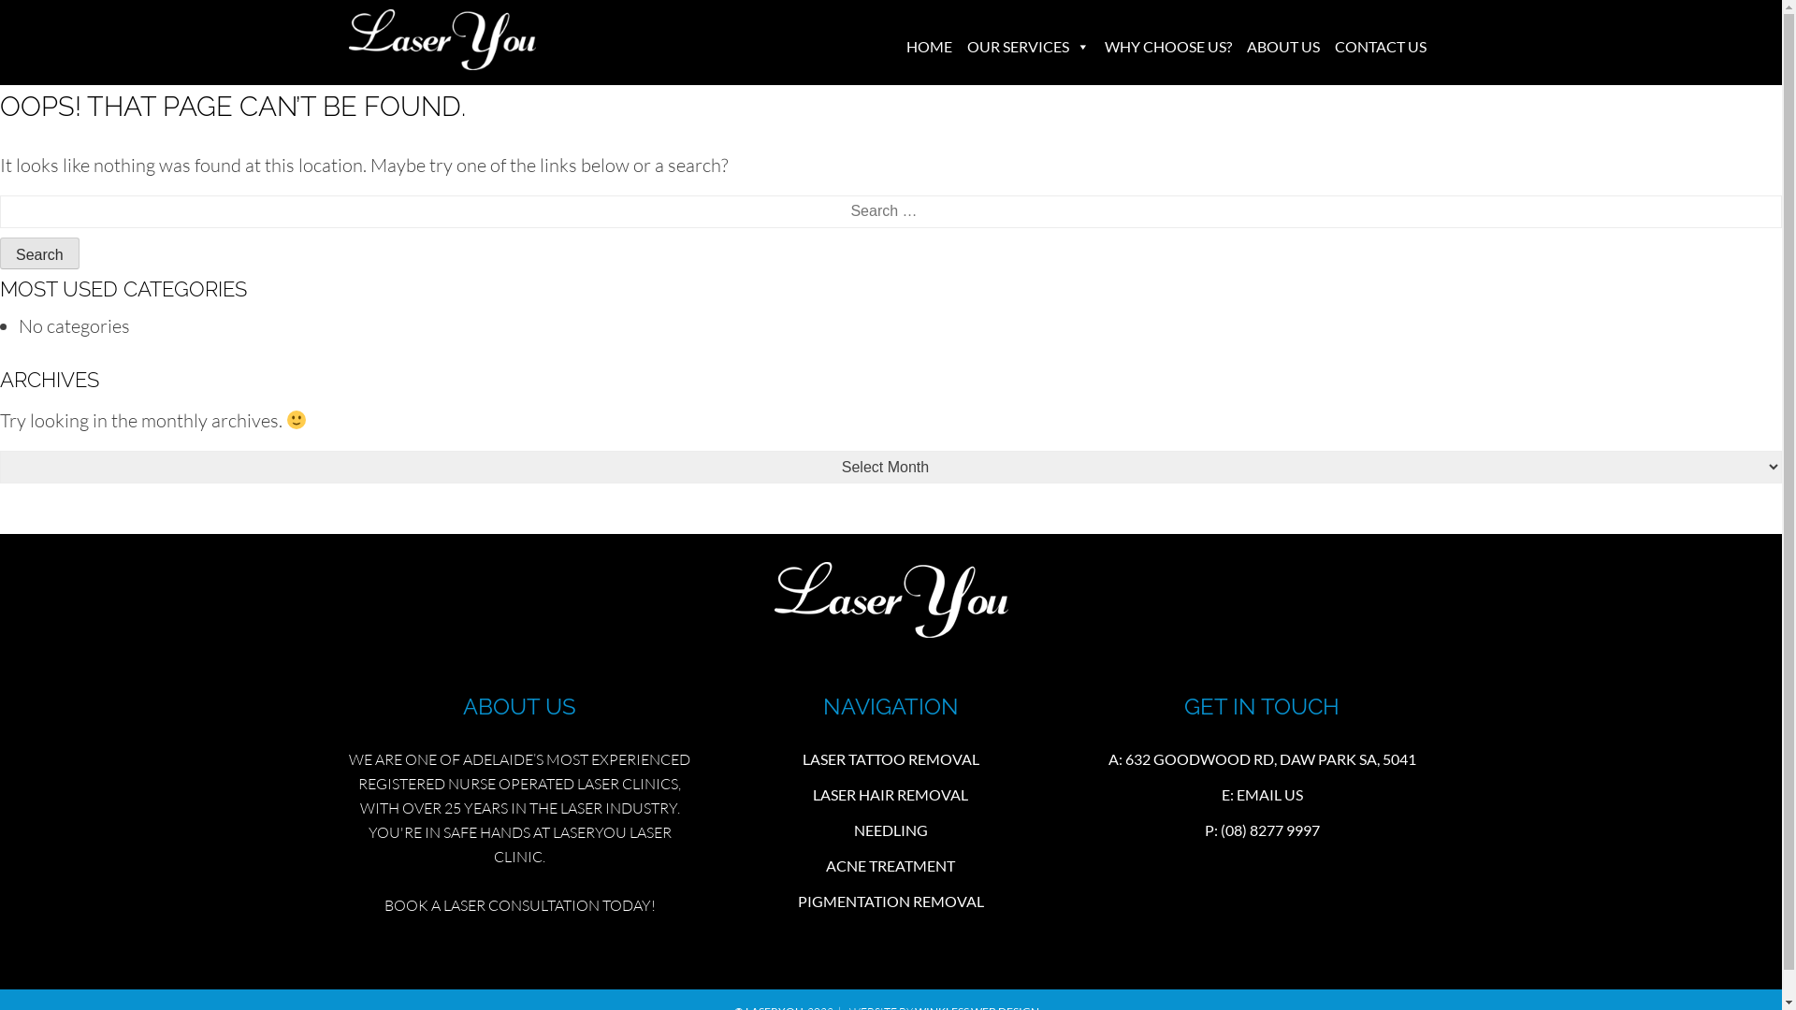 This screenshot has width=1796, height=1010. What do you see at coordinates (890, 829) in the screenshot?
I see `'NEEDLING'` at bounding box center [890, 829].